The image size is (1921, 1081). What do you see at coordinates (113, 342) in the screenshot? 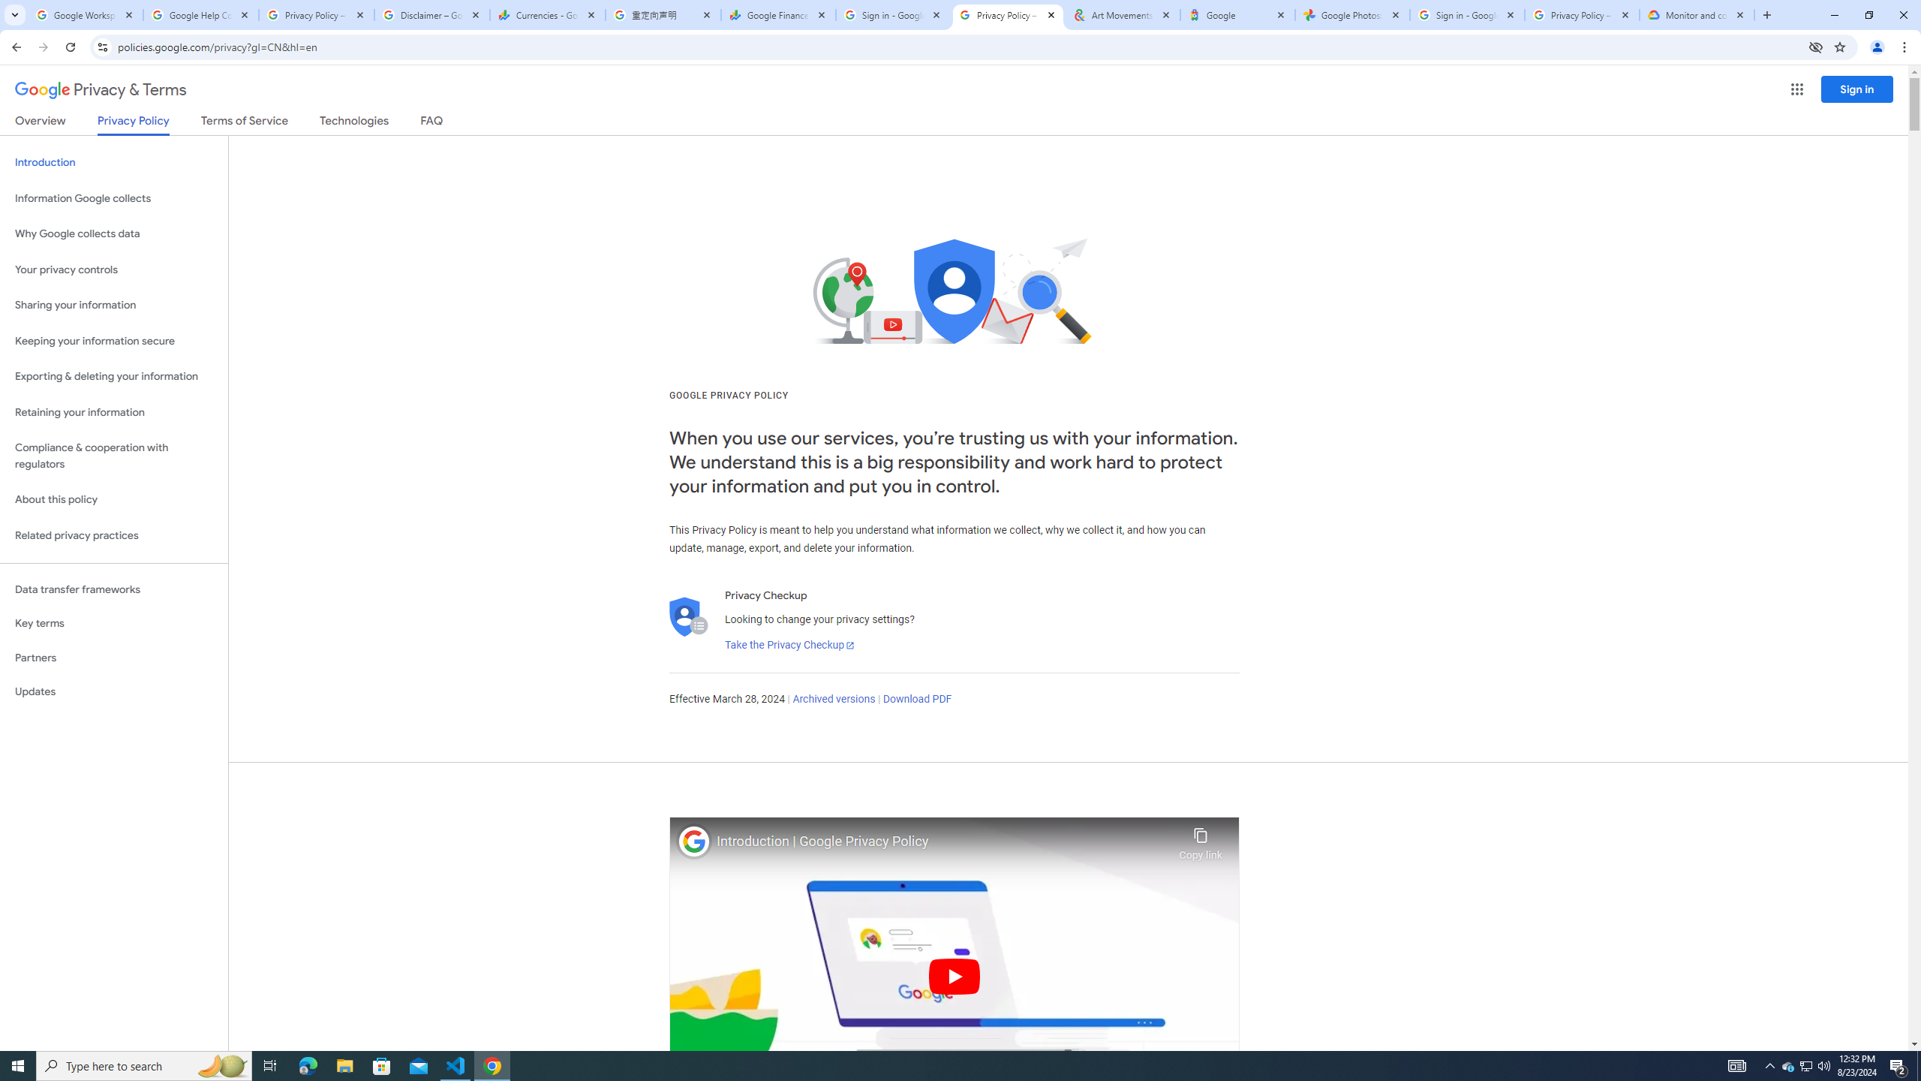
I see `'Keeping your information secure'` at bounding box center [113, 342].